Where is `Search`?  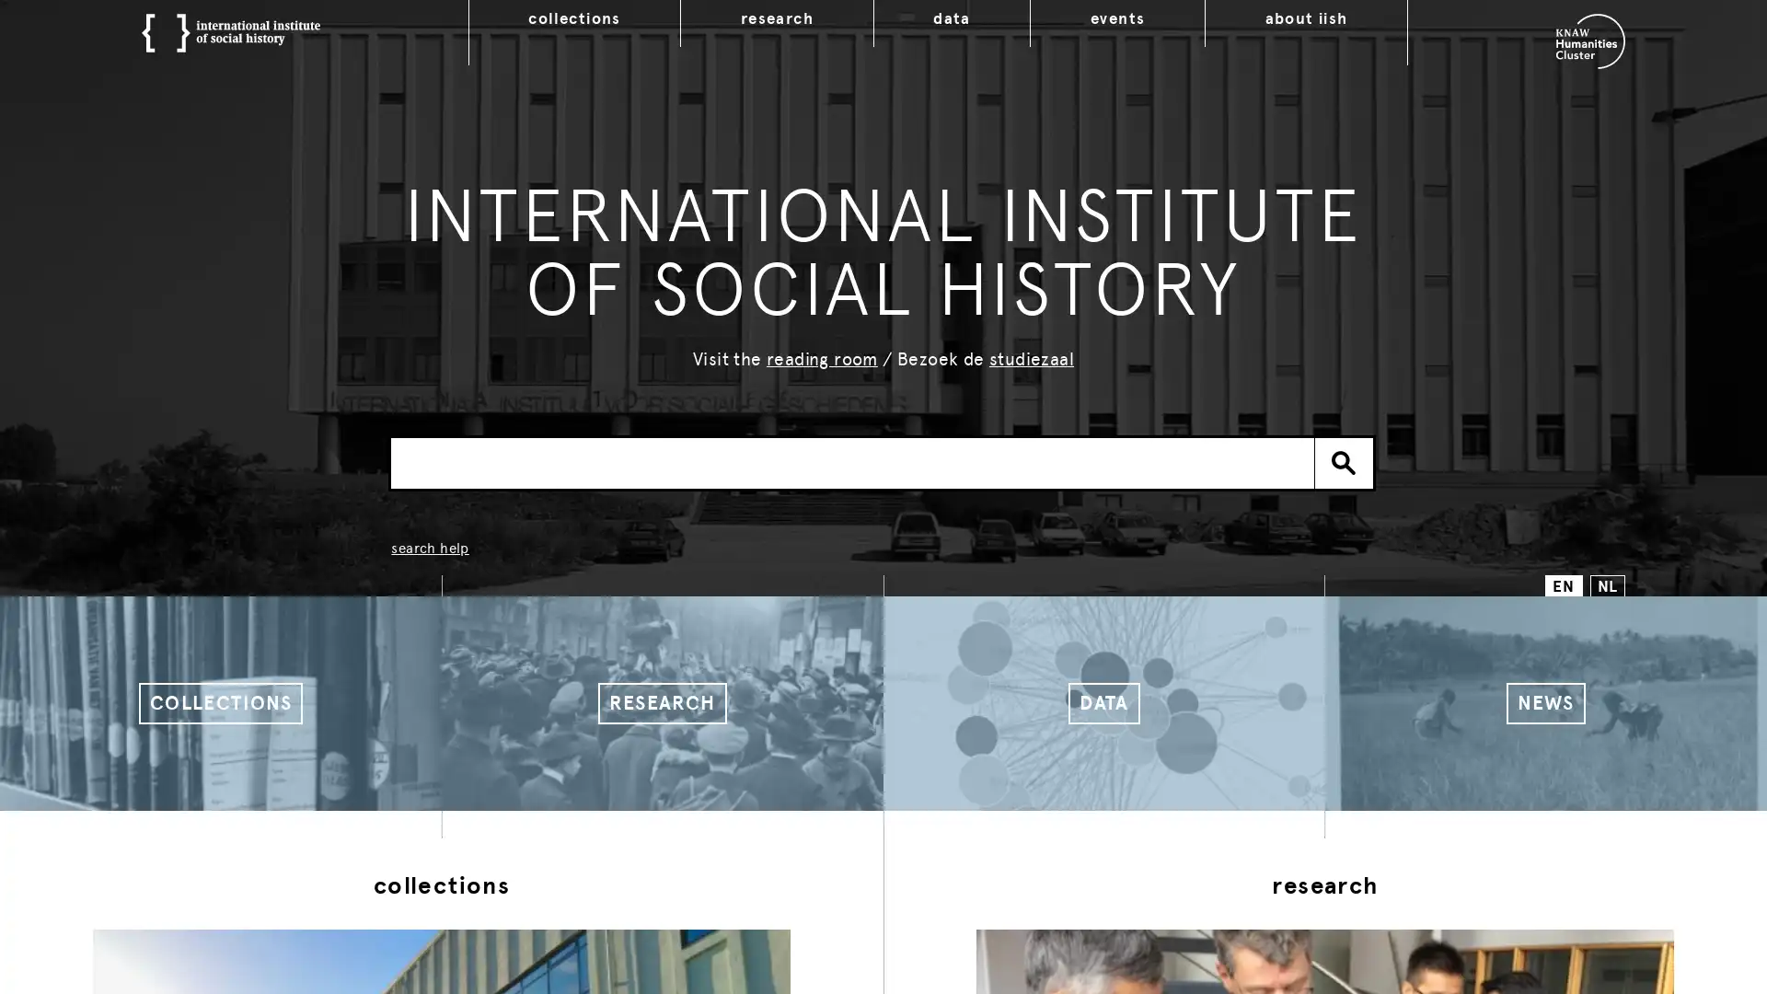 Search is located at coordinates (1344, 461).